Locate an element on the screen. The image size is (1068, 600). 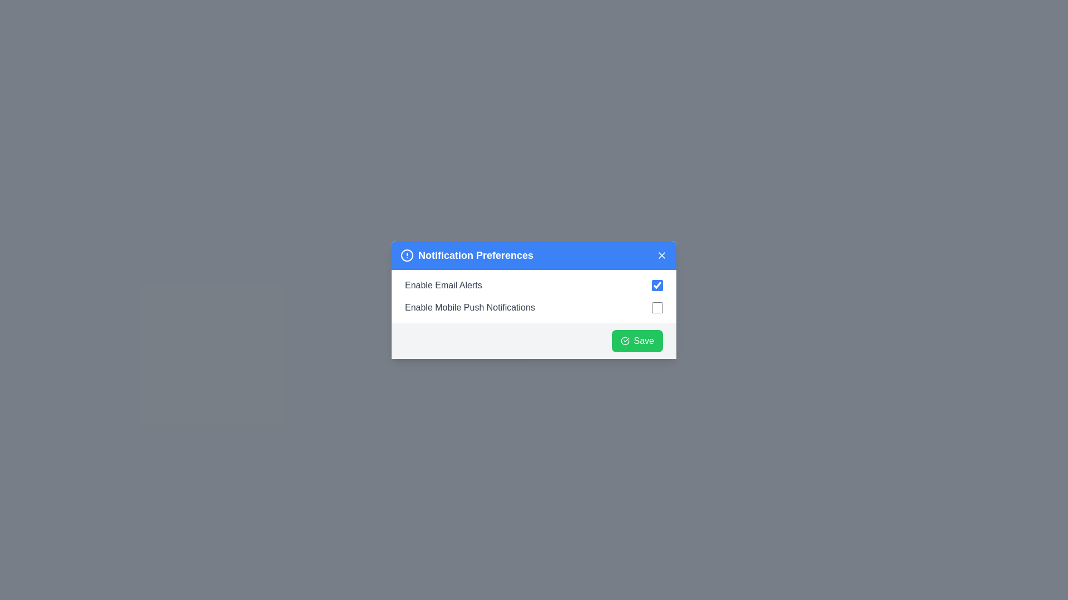
the 'Email Alerts' checkbox is located at coordinates (657, 284).